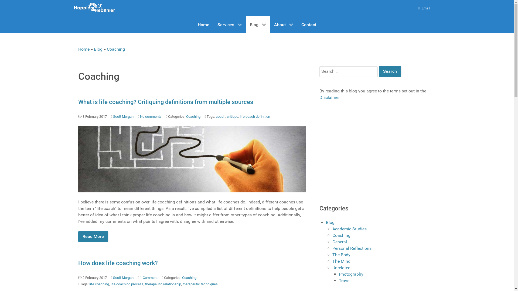 The width and height of the screenshot is (518, 291). I want to click on 'Search', so click(390, 71).